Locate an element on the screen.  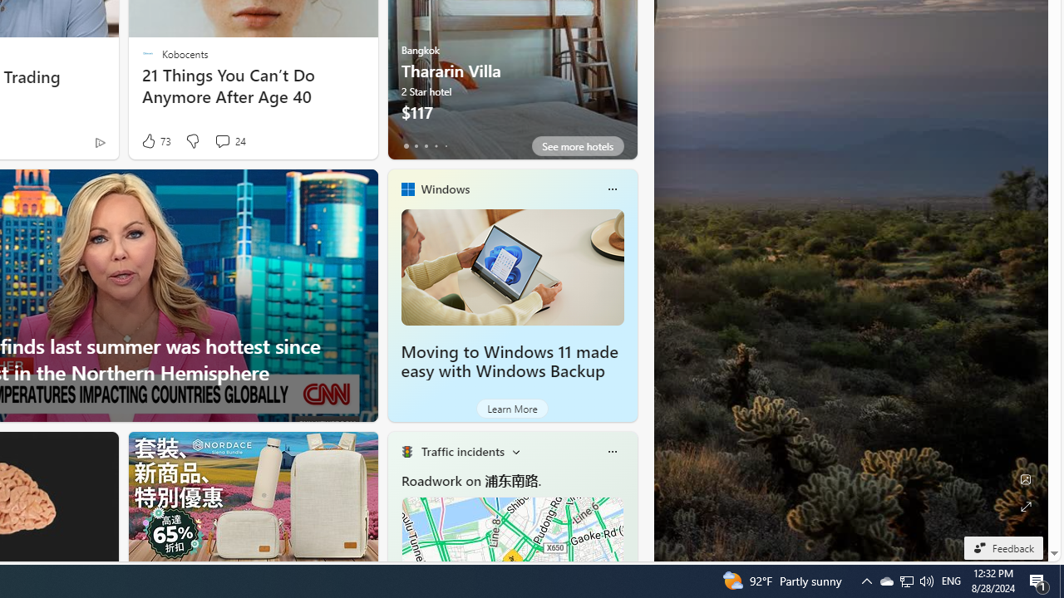
'73 Like' is located at coordinates (155, 140).